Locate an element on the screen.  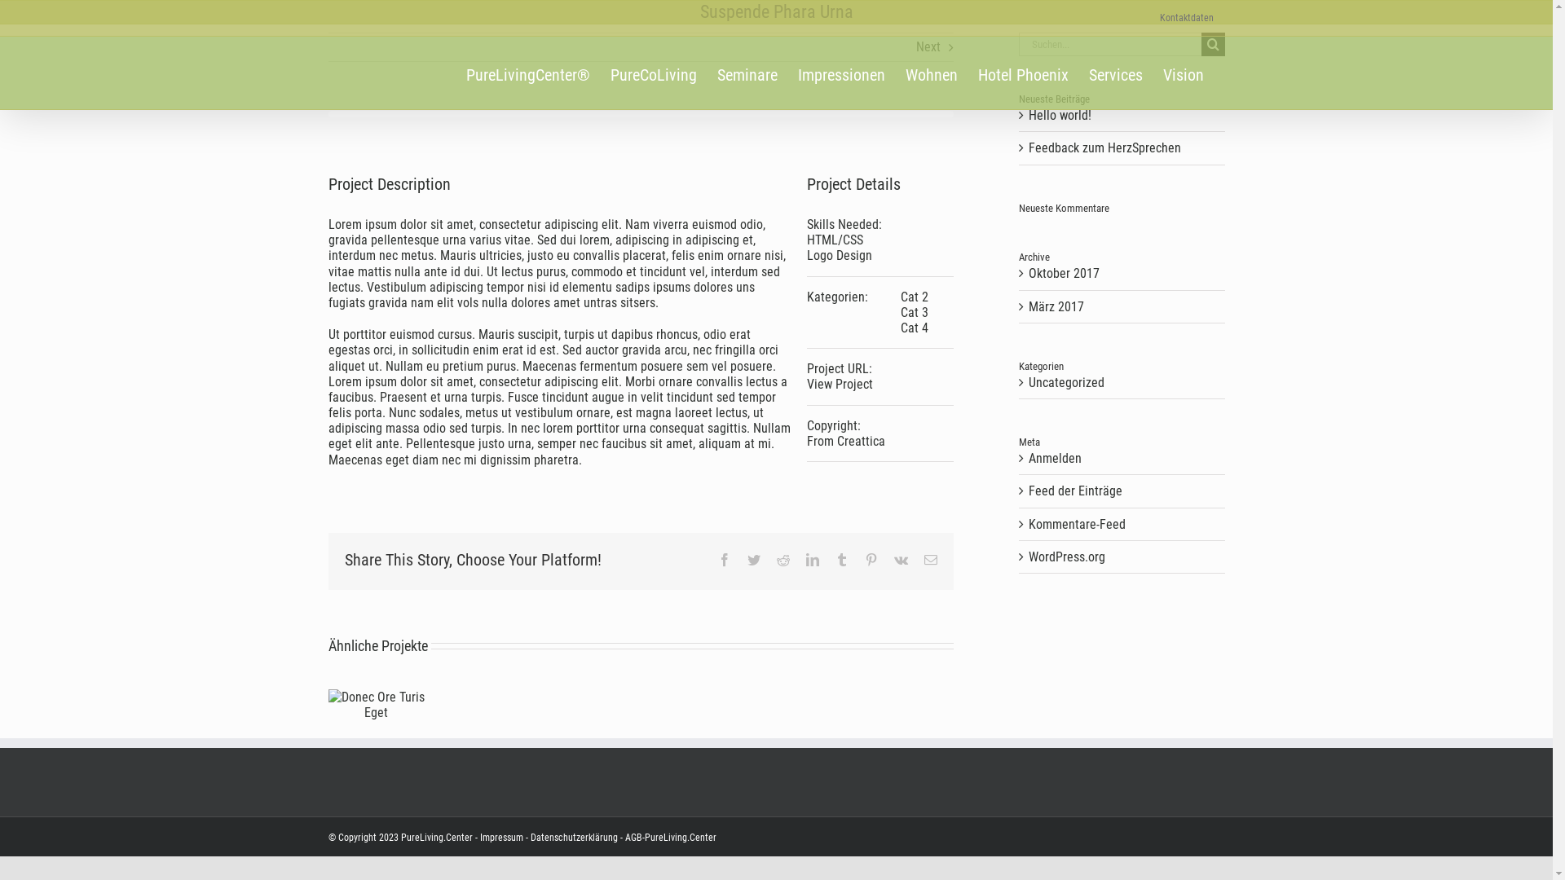
'Kontaktdaten' is located at coordinates (1148, 18).